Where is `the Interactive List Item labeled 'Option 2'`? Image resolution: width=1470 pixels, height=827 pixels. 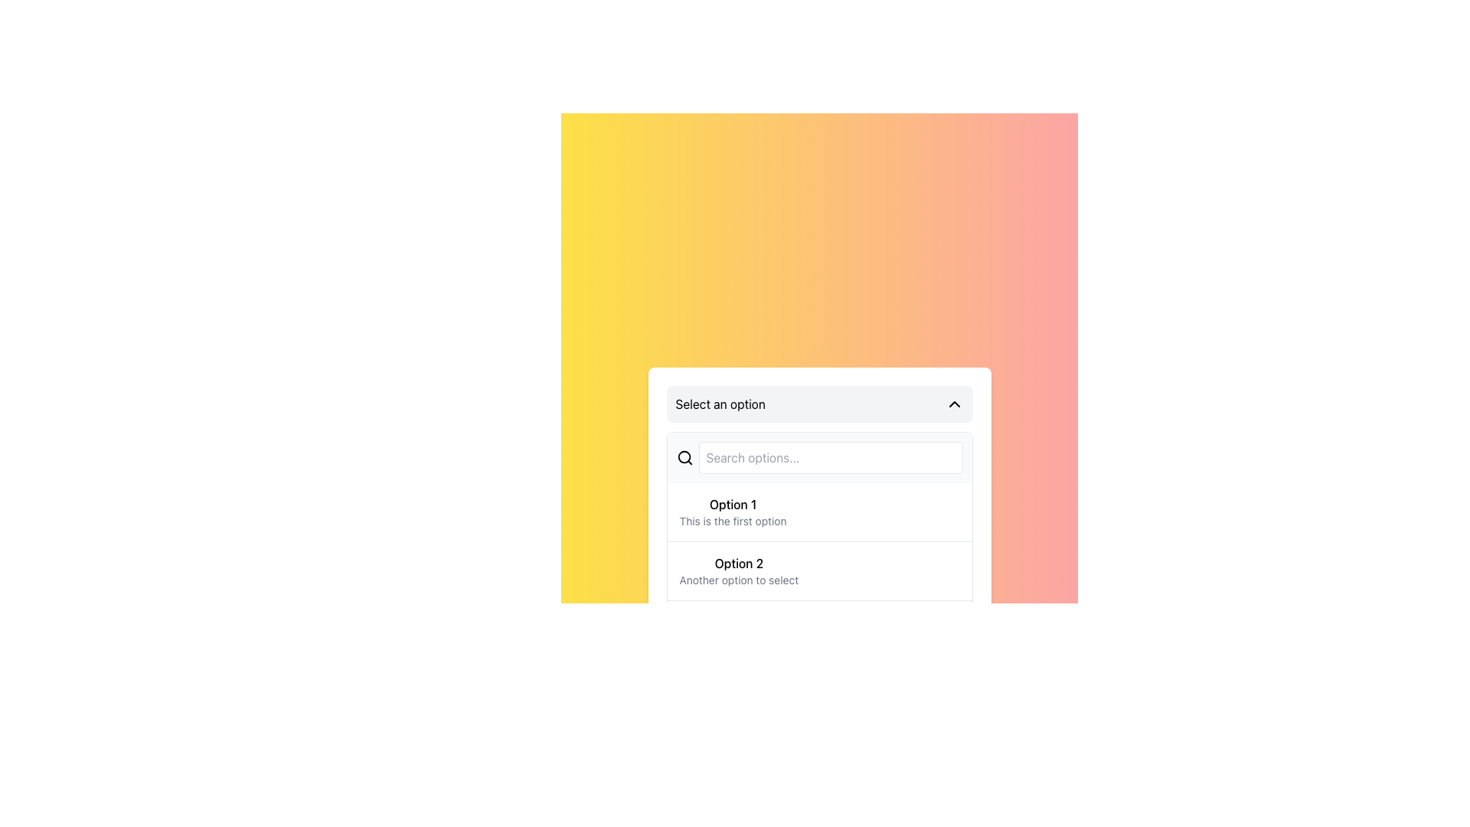
the Interactive List Item labeled 'Option 2' is located at coordinates (818, 570).